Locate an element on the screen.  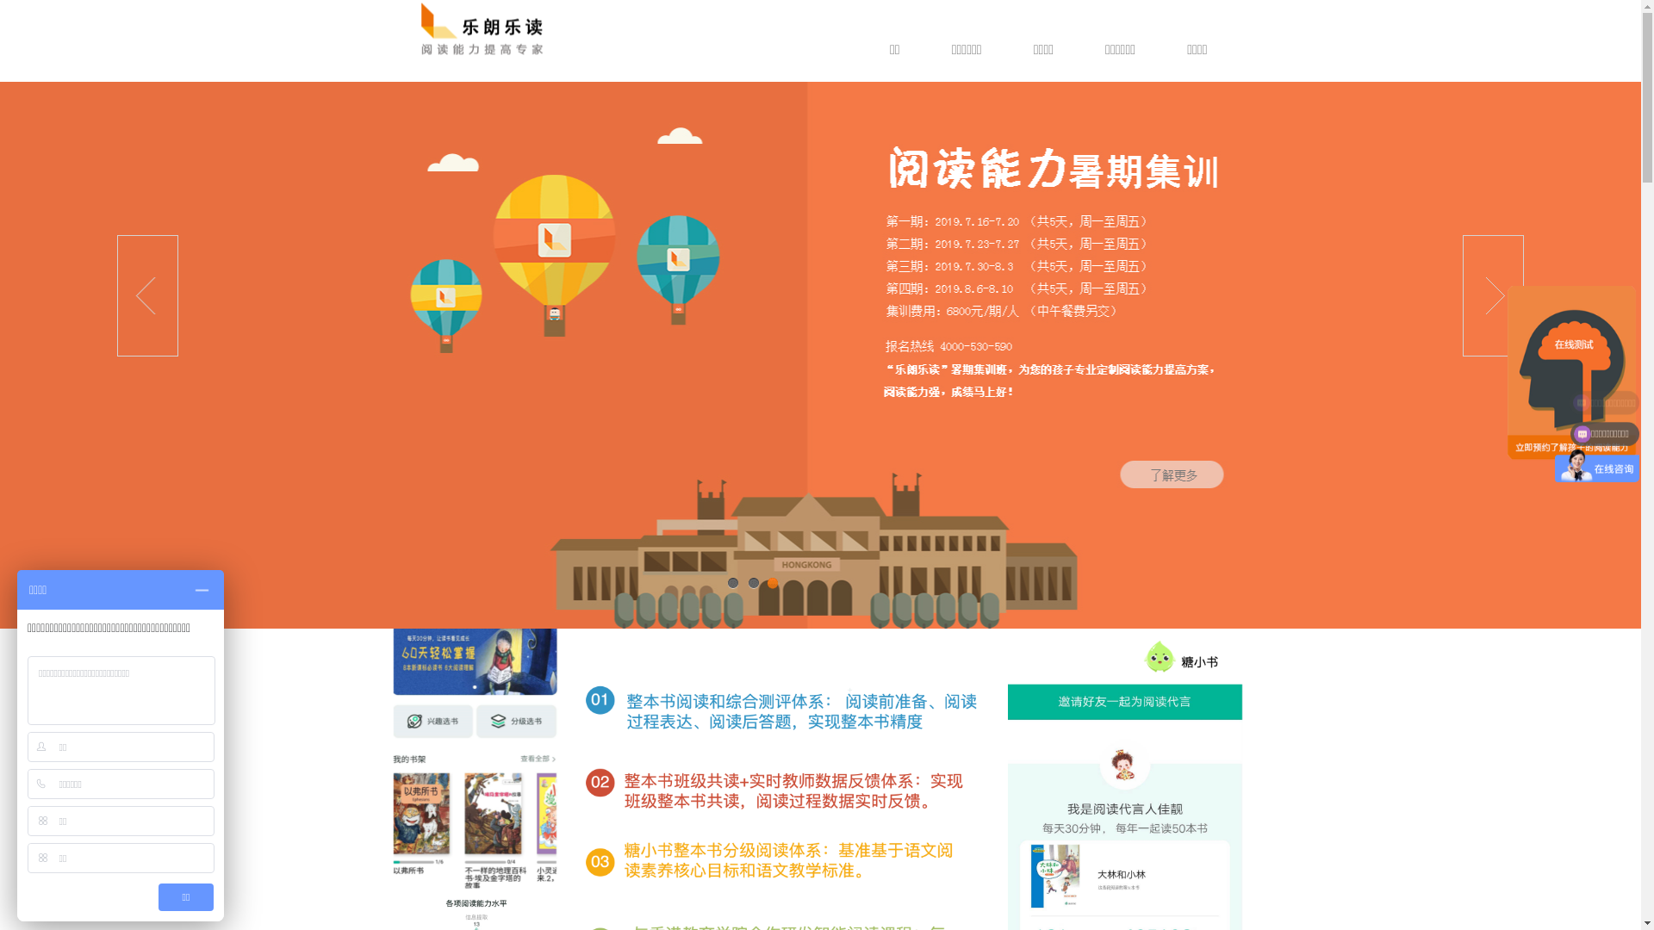
'3' is located at coordinates (772, 583).